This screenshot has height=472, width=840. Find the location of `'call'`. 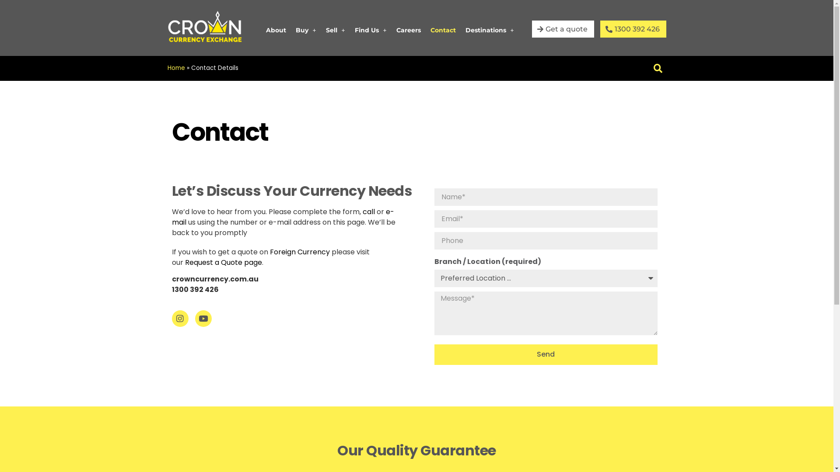

'call' is located at coordinates (368, 212).